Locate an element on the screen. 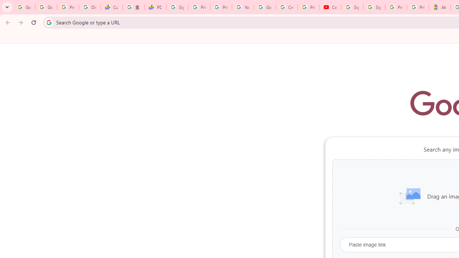 The image size is (459, 258). 'Atour Hotel - Google hotels' is located at coordinates (439, 7).